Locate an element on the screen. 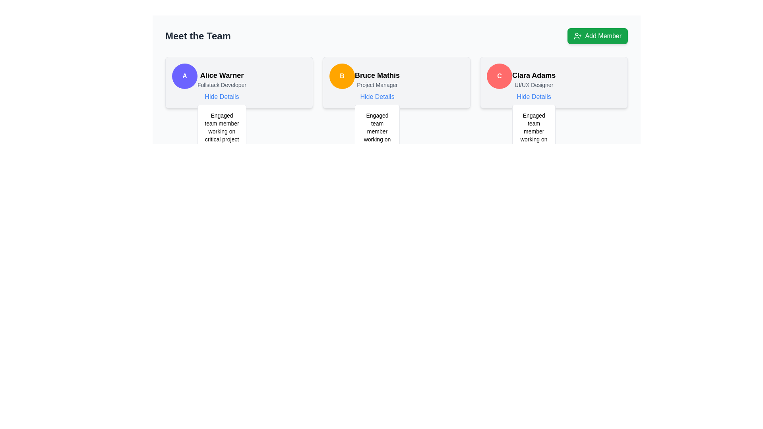 This screenshot has width=763, height=429. the text label displaying 'Project Manager' located below 'Bruce Mathis' in the profile card is located at coordinates (377, 85).